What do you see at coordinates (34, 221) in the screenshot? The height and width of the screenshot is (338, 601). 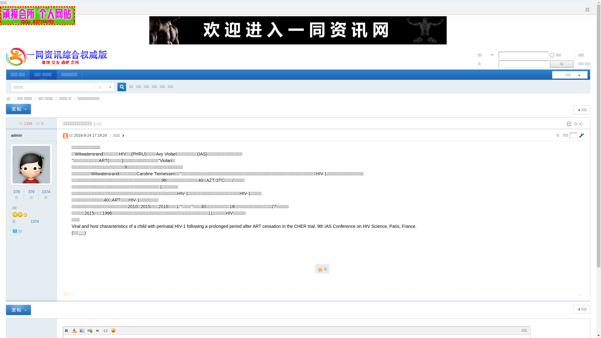 I see `'1374'` at bounding box center [34, 221].